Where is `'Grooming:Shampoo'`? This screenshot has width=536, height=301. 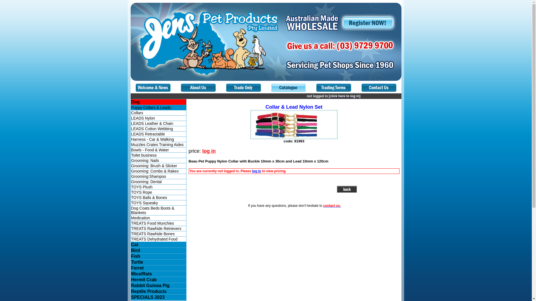
'Grooming:Shampoo' is located at coordinates (158, 176).